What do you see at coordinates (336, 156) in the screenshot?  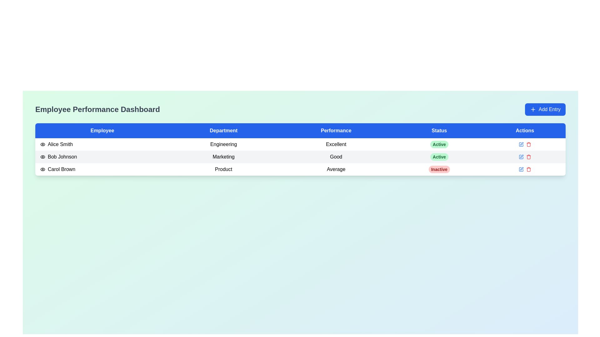 I see `the text element displaying 'Good' in the third column of the second row of the performance data table for 'Bob Johnson'` at bounding box center [336, 156].